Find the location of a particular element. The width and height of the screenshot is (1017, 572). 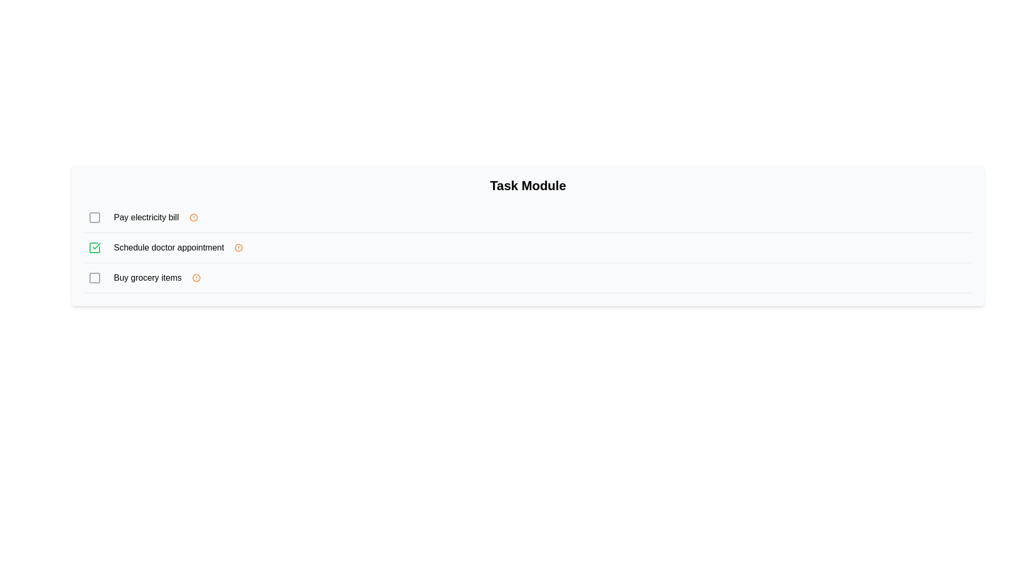

the small circular icon with an empty orange border and an orange dot in the center, located to the right of the text 'Buy grocery items' is located at coordinates (197, 277).